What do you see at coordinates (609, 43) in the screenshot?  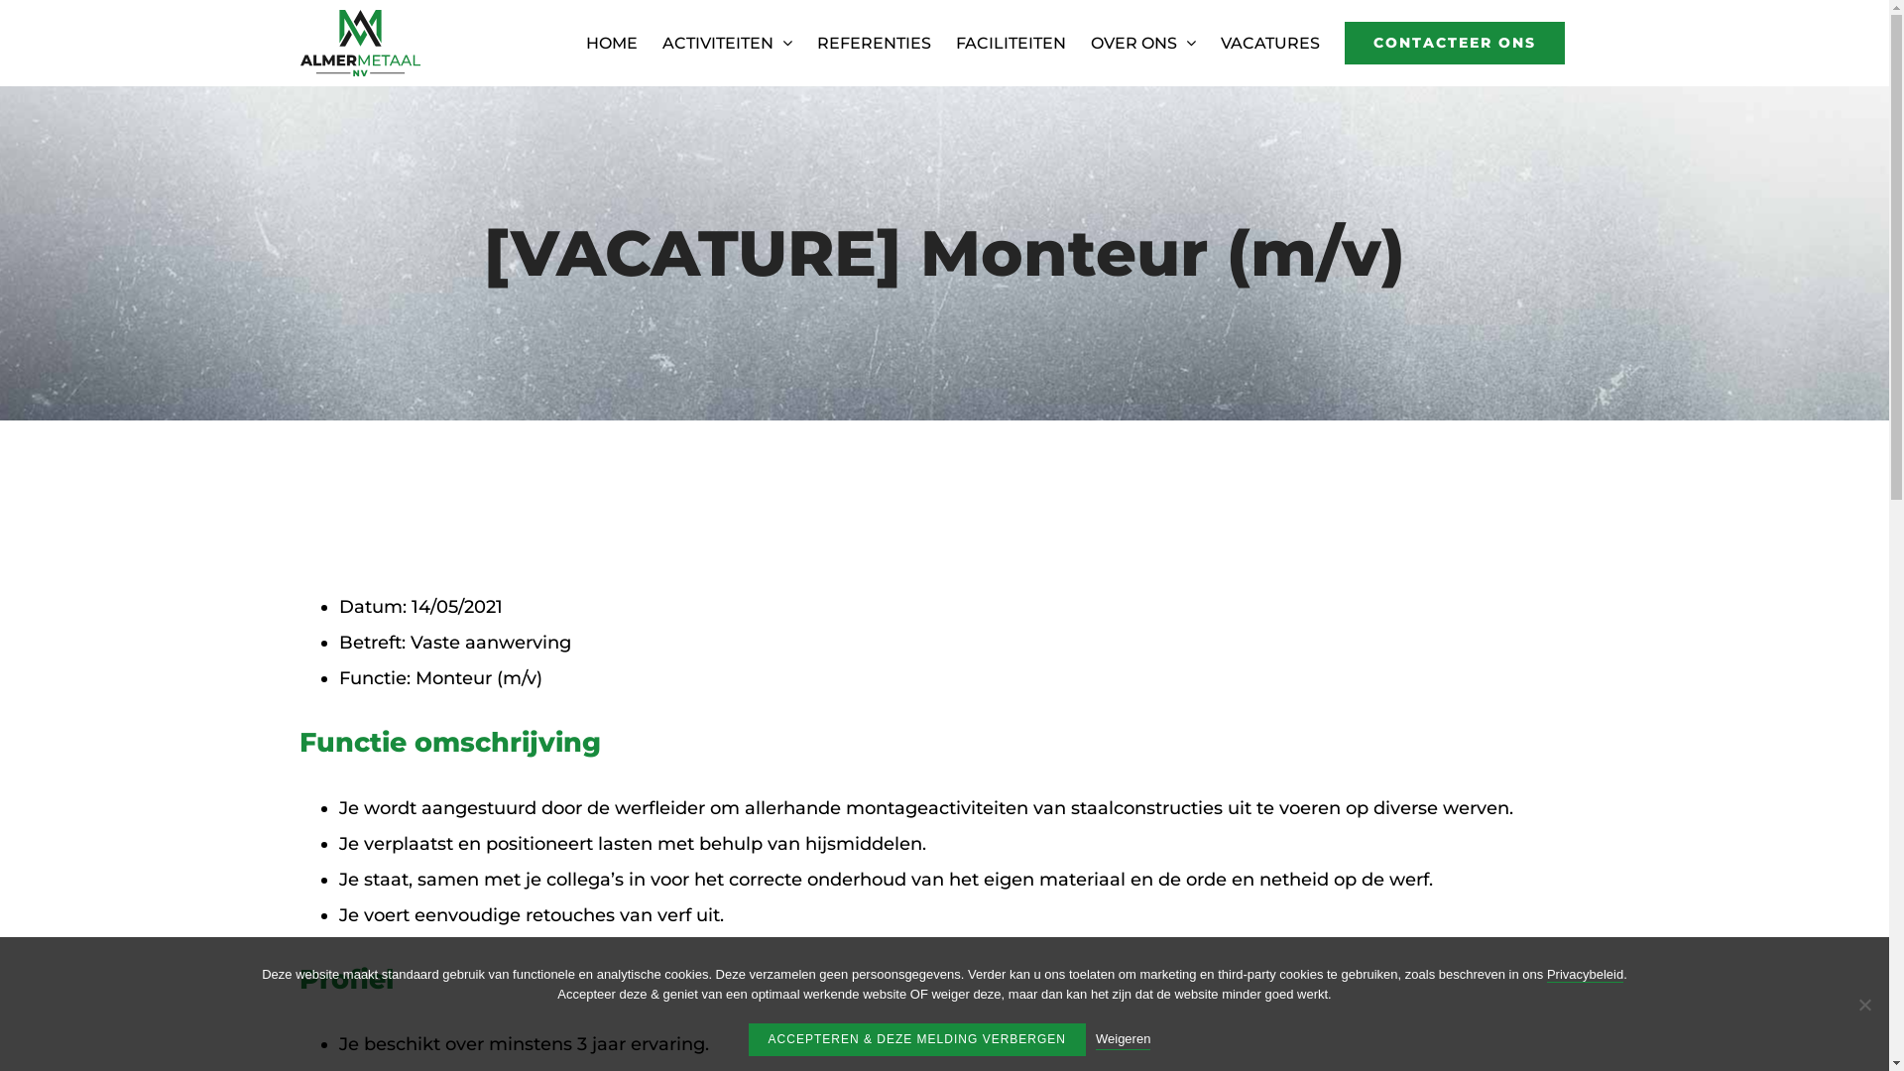 I see `'HOME'` at bounding box center [609, 43].